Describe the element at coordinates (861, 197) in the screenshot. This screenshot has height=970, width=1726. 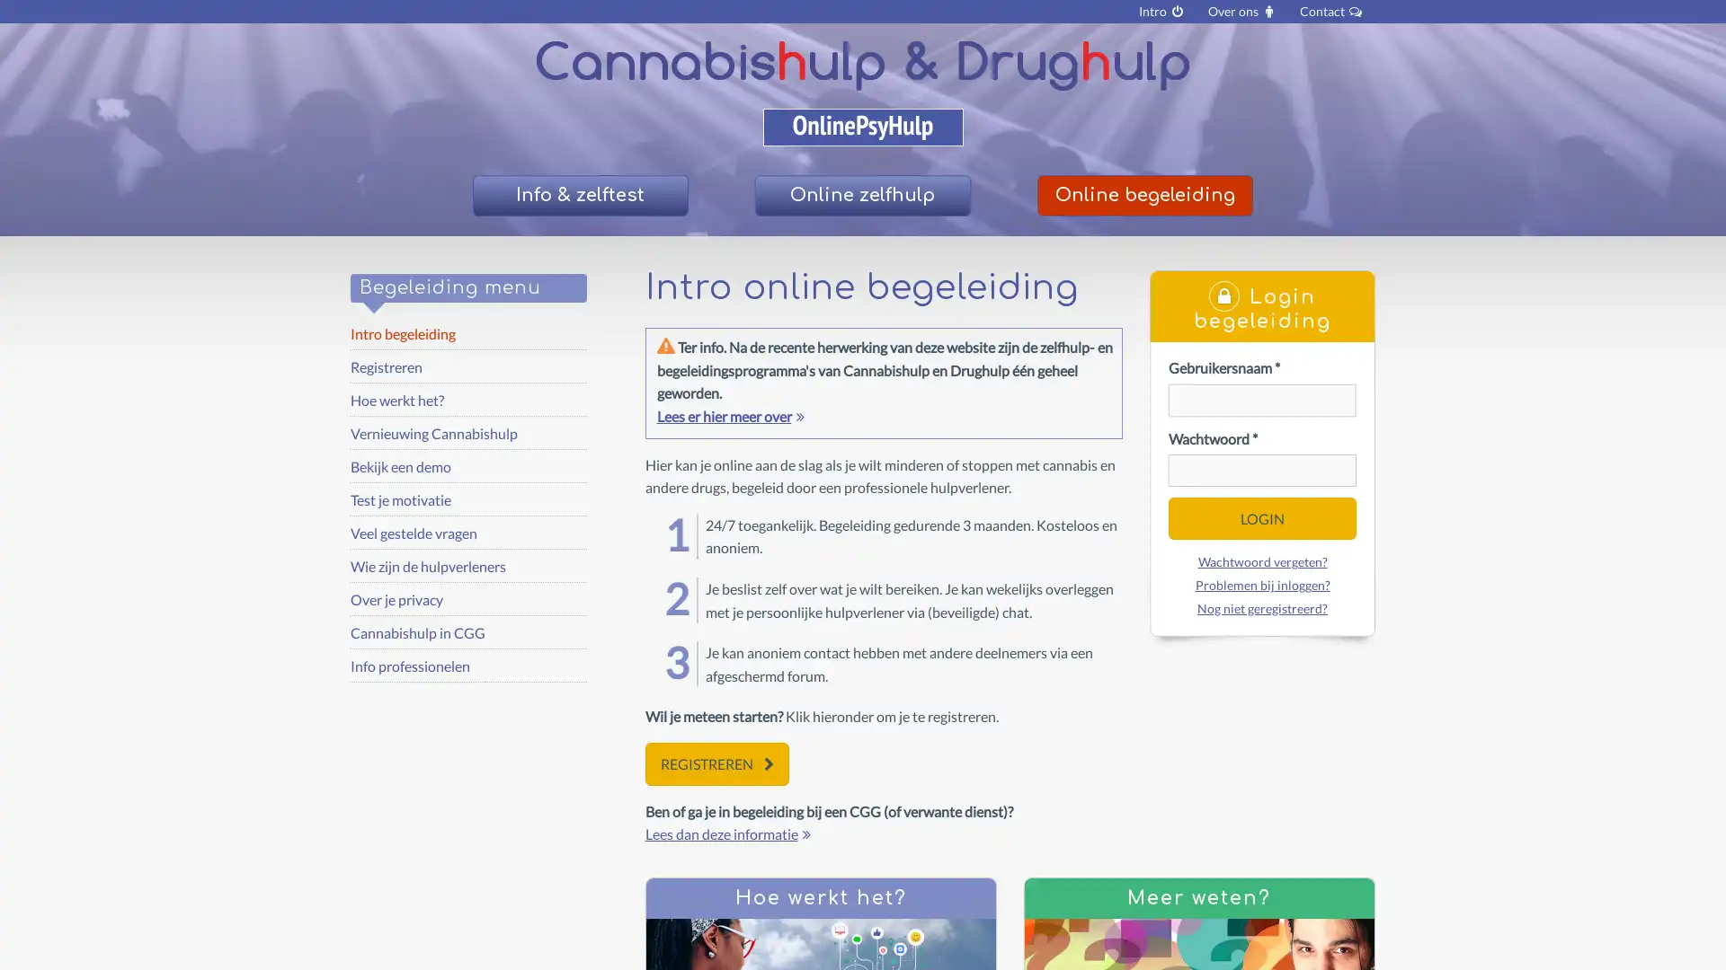
I see `Online zelfhulp` at that location.